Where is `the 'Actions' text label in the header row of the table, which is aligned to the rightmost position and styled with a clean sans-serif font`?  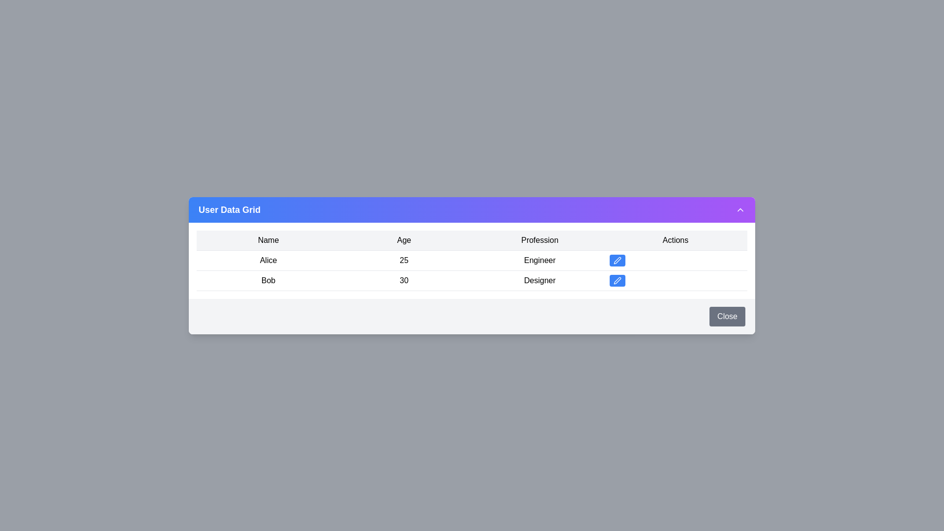
the 'Actions' text label in the header row of the table, which is aligned to the rightmost position and styled with a clean sans-serif font is located at coordinates (675, 240).